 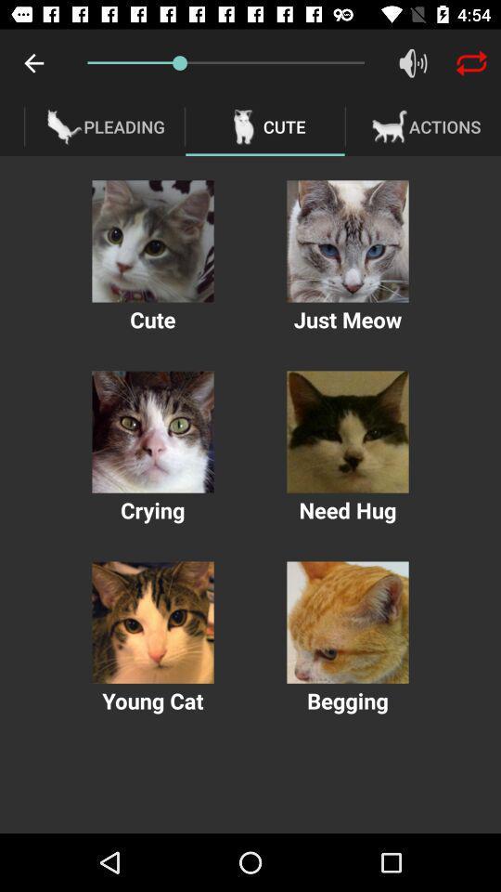 I want to click on this item, so click(x=347, y=432).